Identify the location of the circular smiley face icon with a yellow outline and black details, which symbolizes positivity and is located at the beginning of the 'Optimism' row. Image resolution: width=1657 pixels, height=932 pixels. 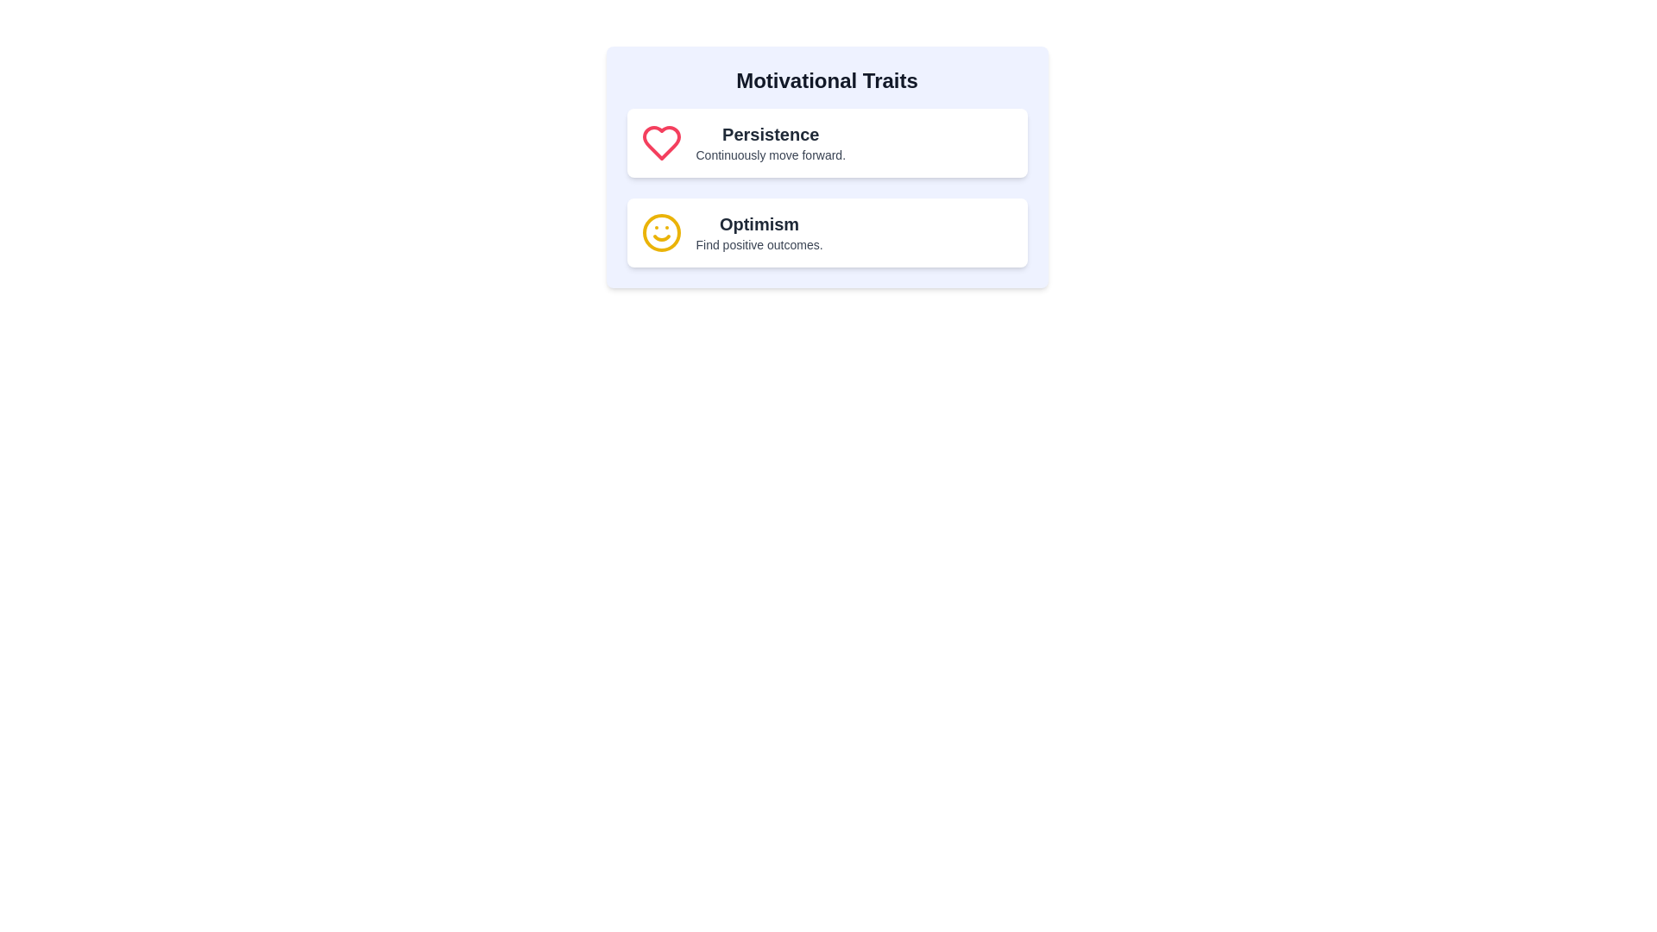
(660, 233).